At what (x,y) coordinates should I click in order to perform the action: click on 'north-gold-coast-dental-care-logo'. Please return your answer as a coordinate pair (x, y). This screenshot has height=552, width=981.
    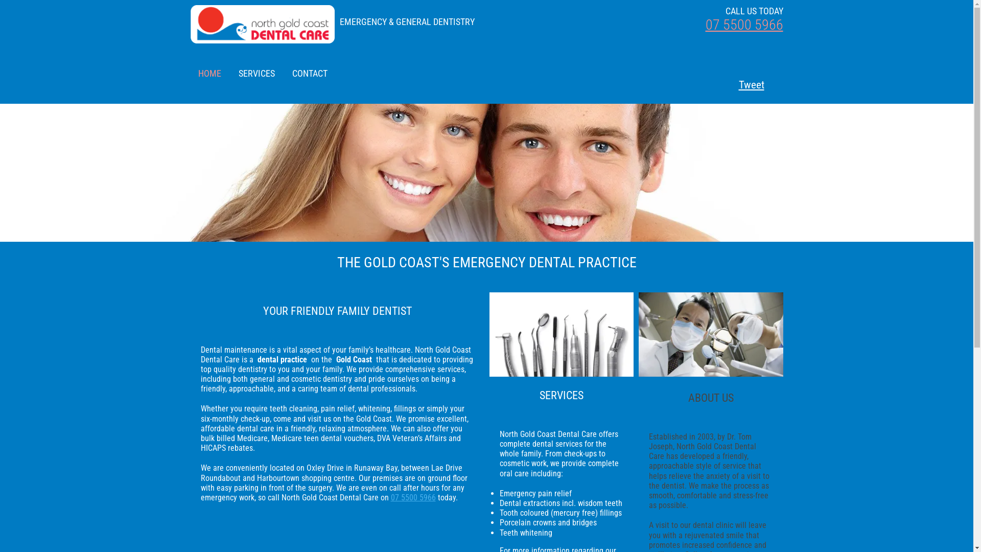
    Looking at the image, I should click on (190, 24).